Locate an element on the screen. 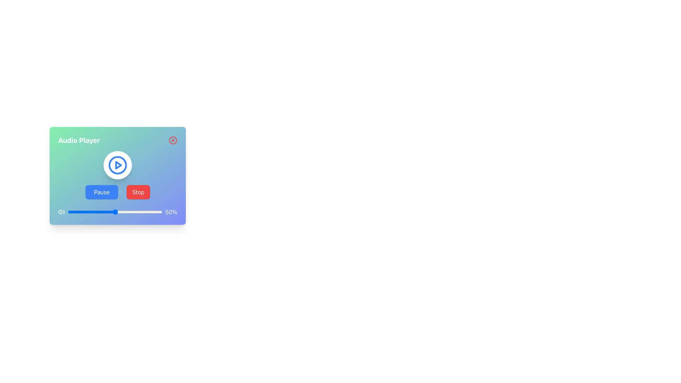 The height and width of the screenshot is (383, 681). the slider is located at coordinates (144, 211).